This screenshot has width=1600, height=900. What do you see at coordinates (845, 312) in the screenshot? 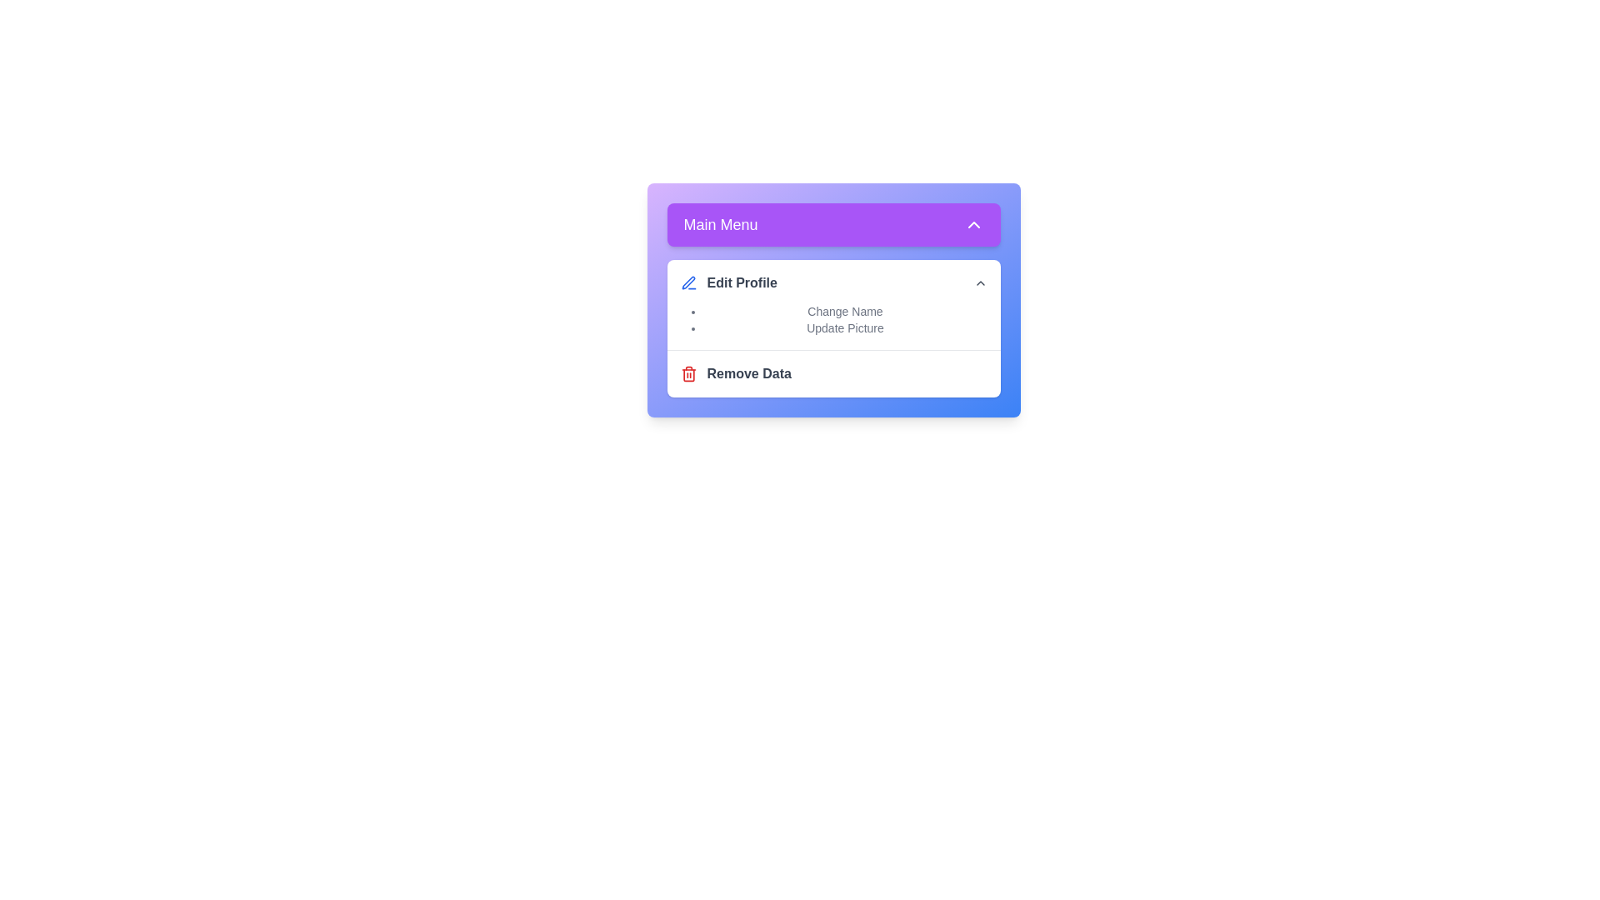
I see `the 'Change Name' option` at bounding box center [845, 312].